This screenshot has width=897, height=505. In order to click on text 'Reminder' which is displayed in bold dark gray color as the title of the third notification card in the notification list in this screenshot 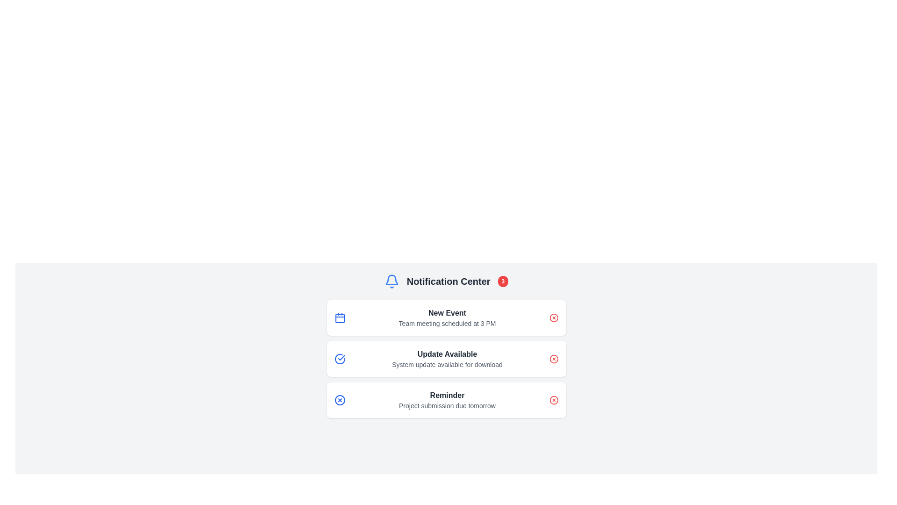, I will do `click(447, 395)`.